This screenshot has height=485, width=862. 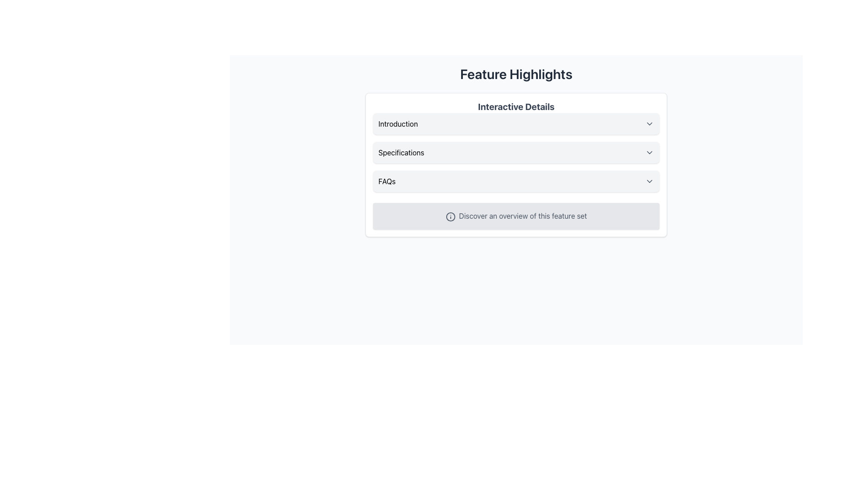 I want to click on the Chevron-Down icon located within the 'FAQs' section, so click(x=649, y=181).